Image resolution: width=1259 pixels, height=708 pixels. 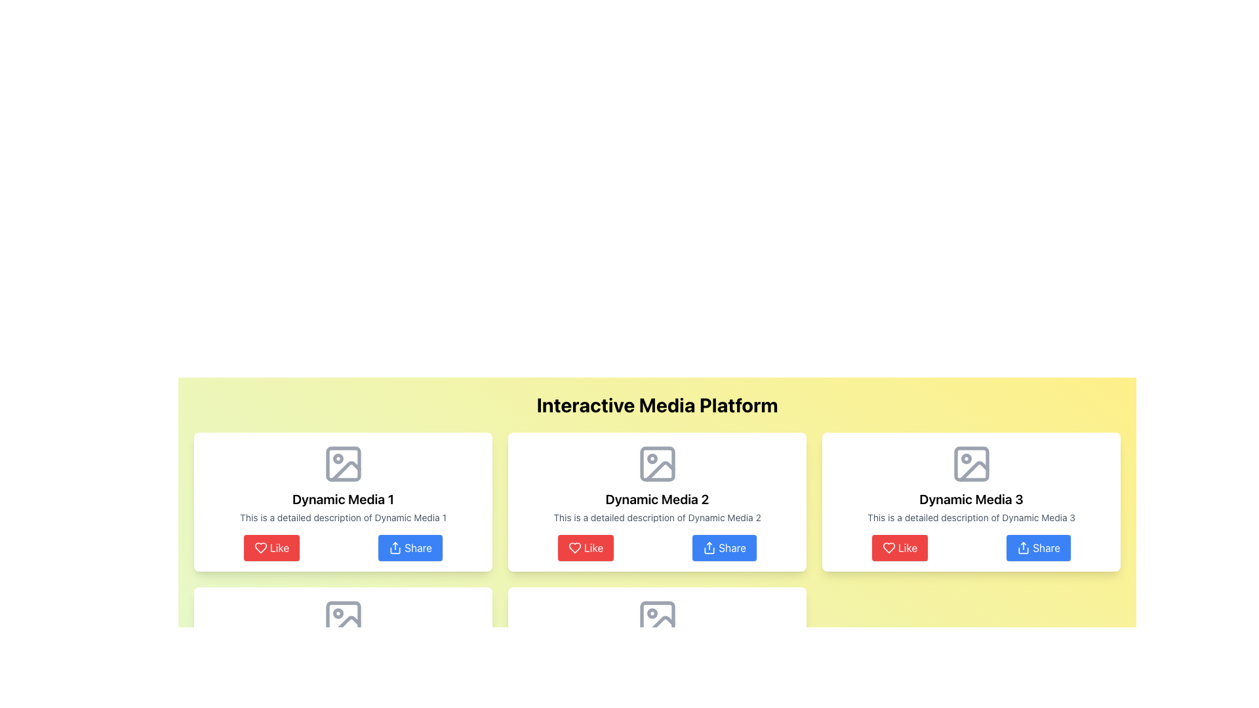 I want to click on the header and description part of the media-related card displaying 'Dynamic Media 3', which is located on the third card in a horizontal layout with a yellow background, positioned above the 'Like' and 'Share' buttons, so click(x=971, y=483).